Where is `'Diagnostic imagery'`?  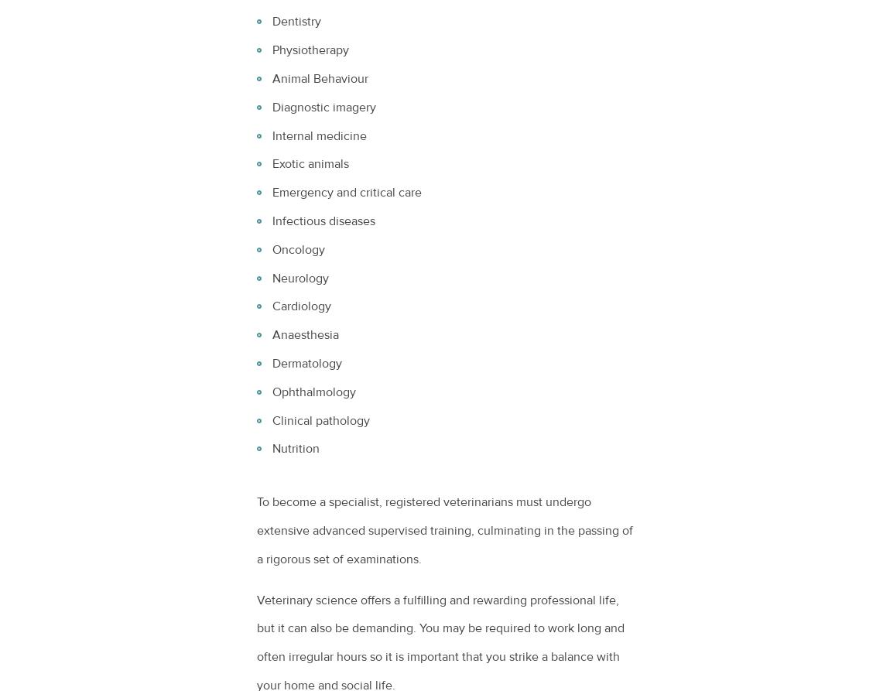 'Diagnostic imagery' is located at coordinates (323, 106).